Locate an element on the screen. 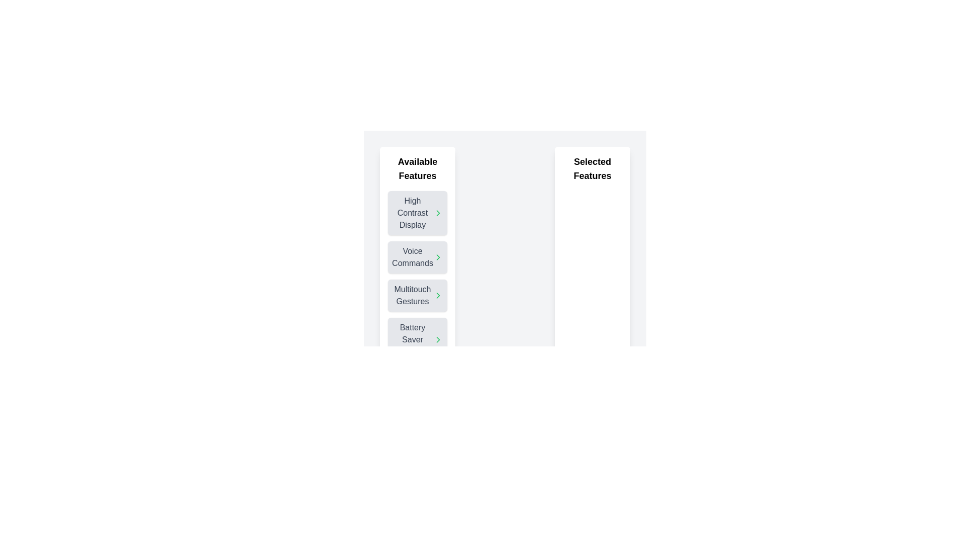 The height and width of the screenshot is (543, 965). '<' button next to the feature labeled 'Voice Commands' in the Selected Features list to move it back to the Available Features list is located at coordinates (433, 257).